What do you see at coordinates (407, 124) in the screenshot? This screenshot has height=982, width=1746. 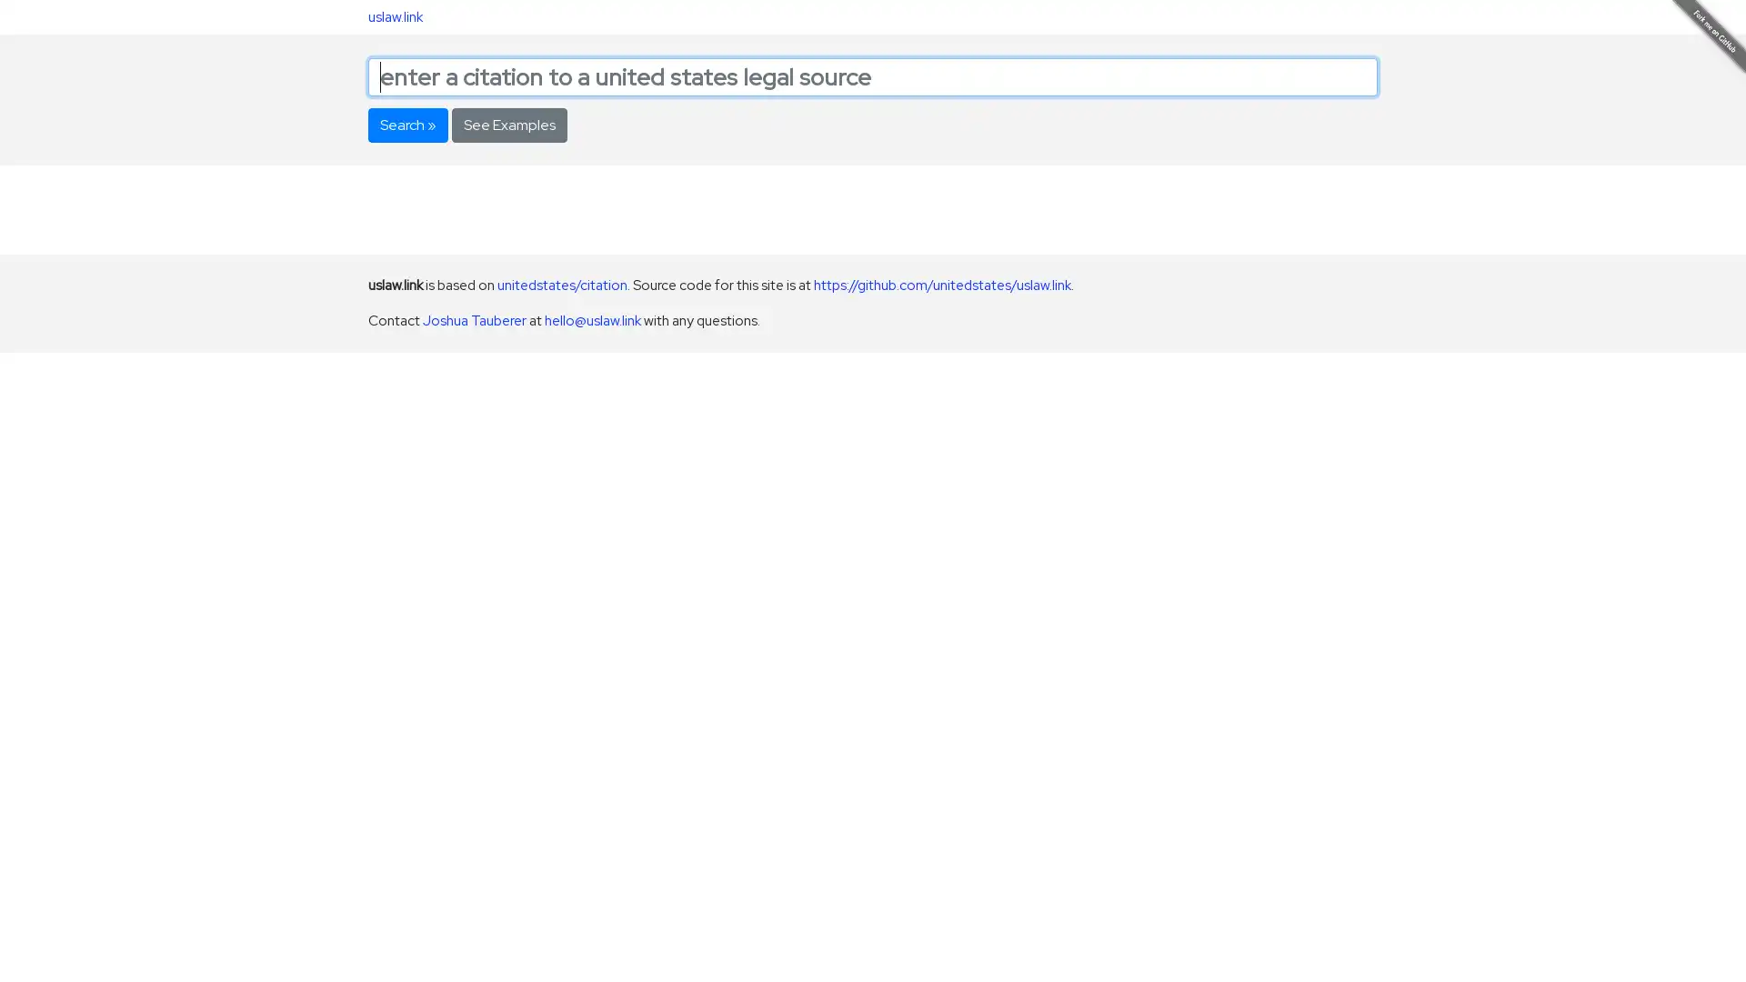 I see `Search` at bounding box center [407, 124].